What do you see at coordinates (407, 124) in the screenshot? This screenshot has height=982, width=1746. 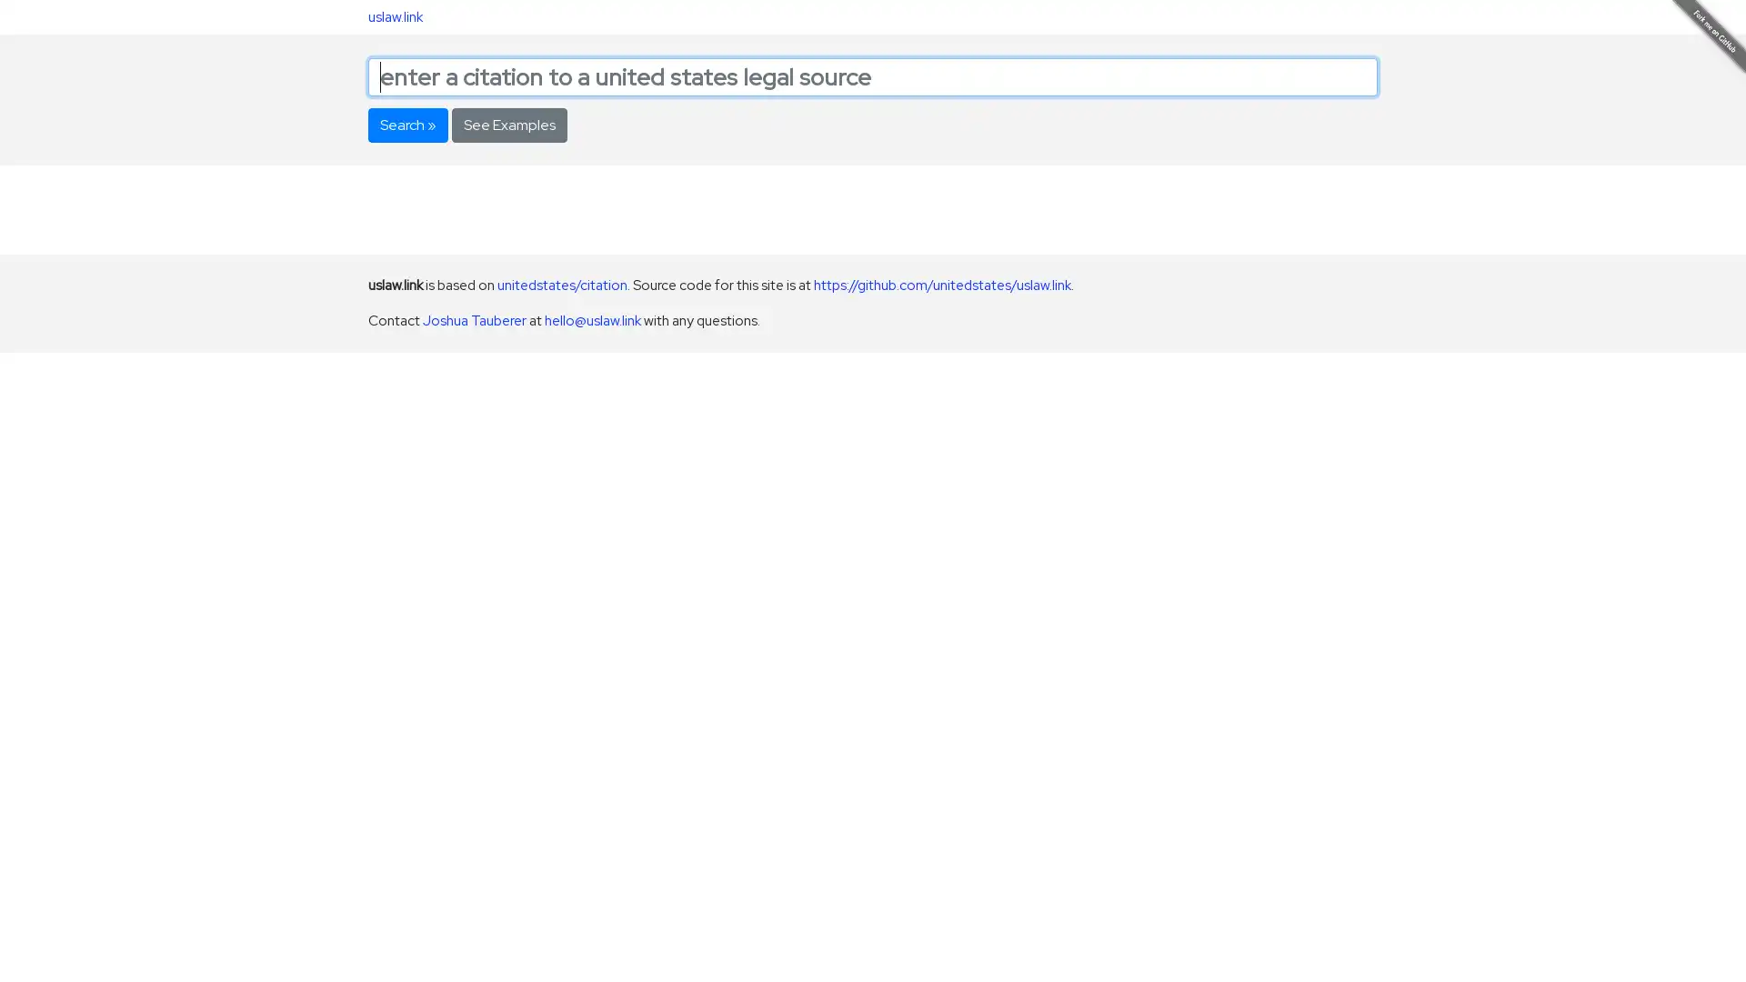 I see `Search` at bounding box center [407, 124].